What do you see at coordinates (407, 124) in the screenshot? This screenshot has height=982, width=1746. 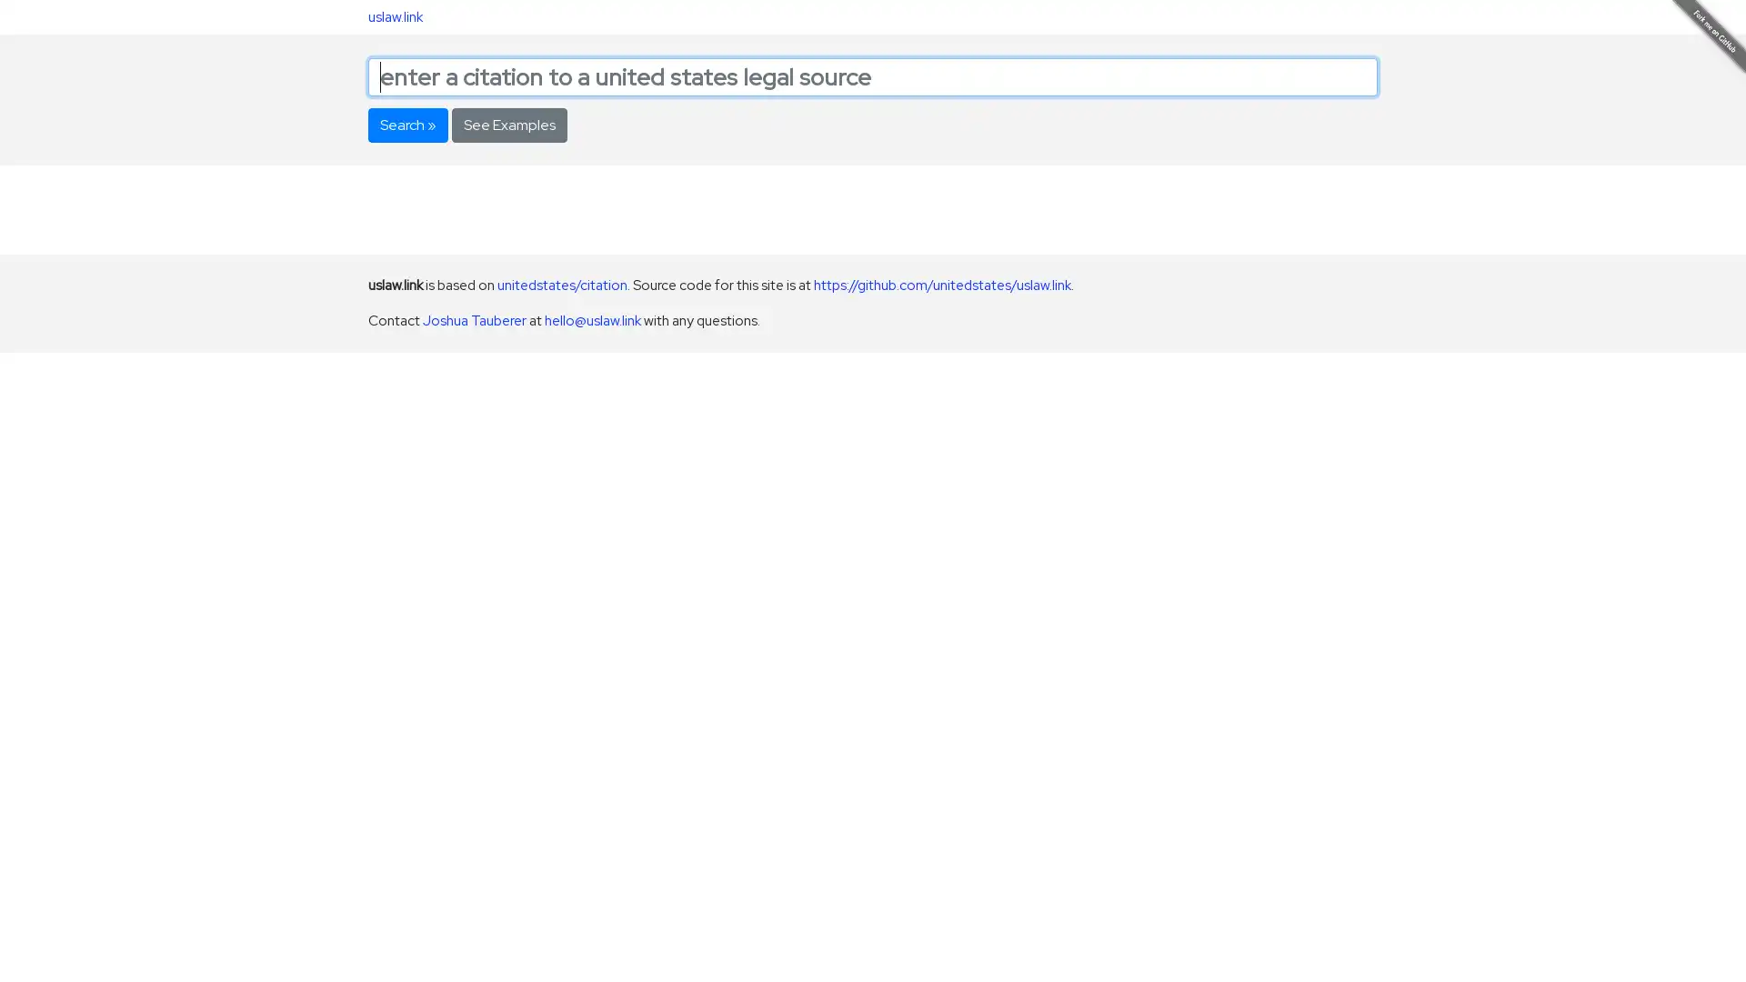 I see `Search` at bounding box center [407, 124].